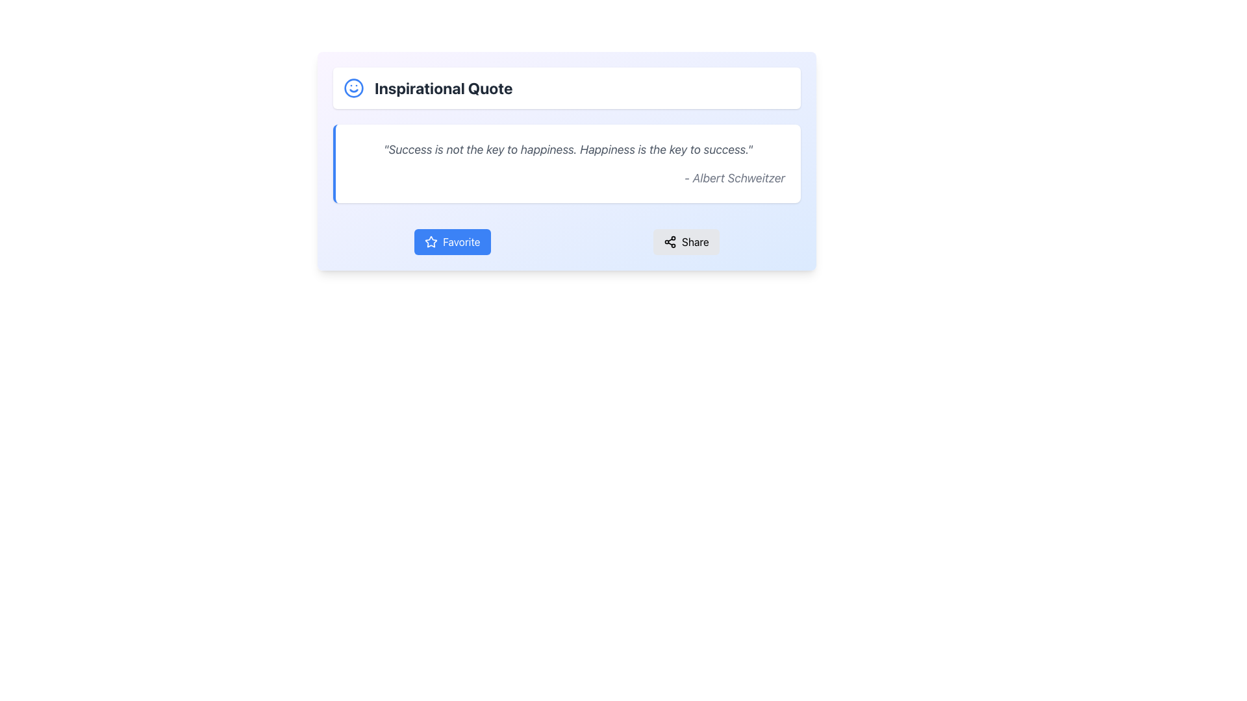 This screenshot has height=701, width=1247. Describe the element at coordinates (670, 242) in the screenshot. I see `the share icon located in the bottom-right corner of the card` at that location.